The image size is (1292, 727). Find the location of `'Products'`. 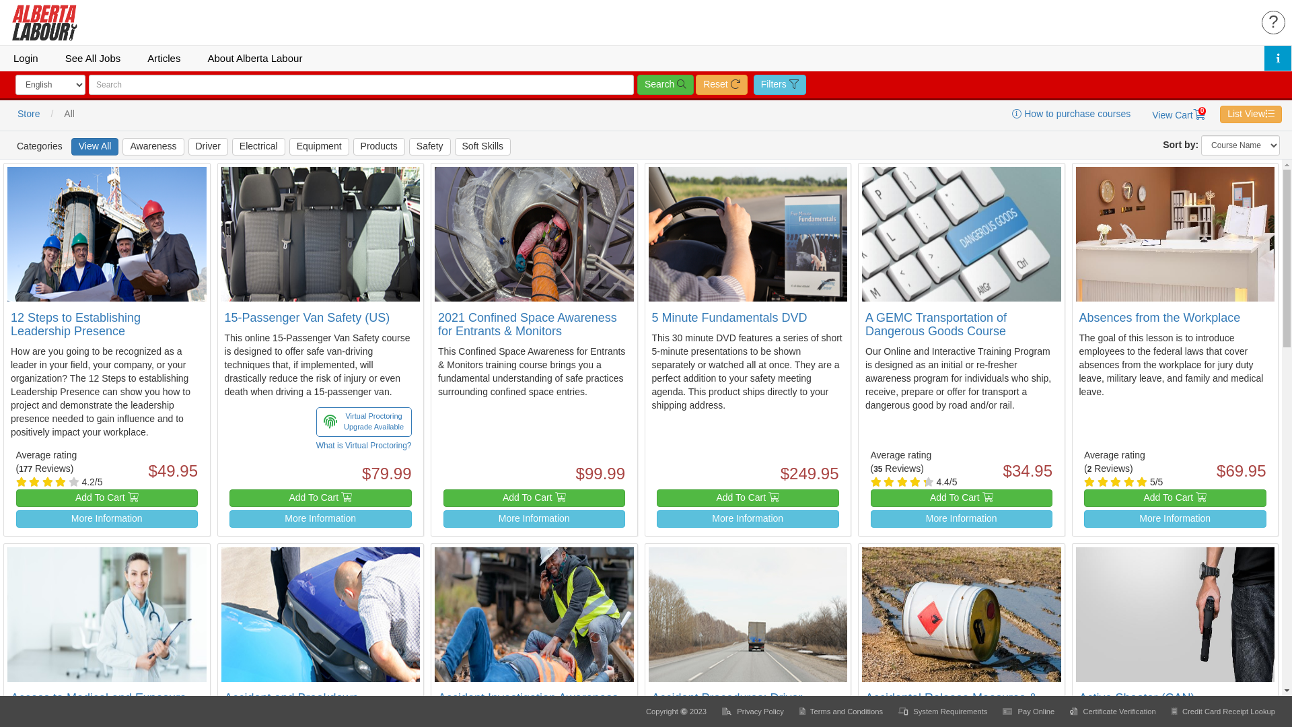

'Products' is located at coordinates (353, 147).